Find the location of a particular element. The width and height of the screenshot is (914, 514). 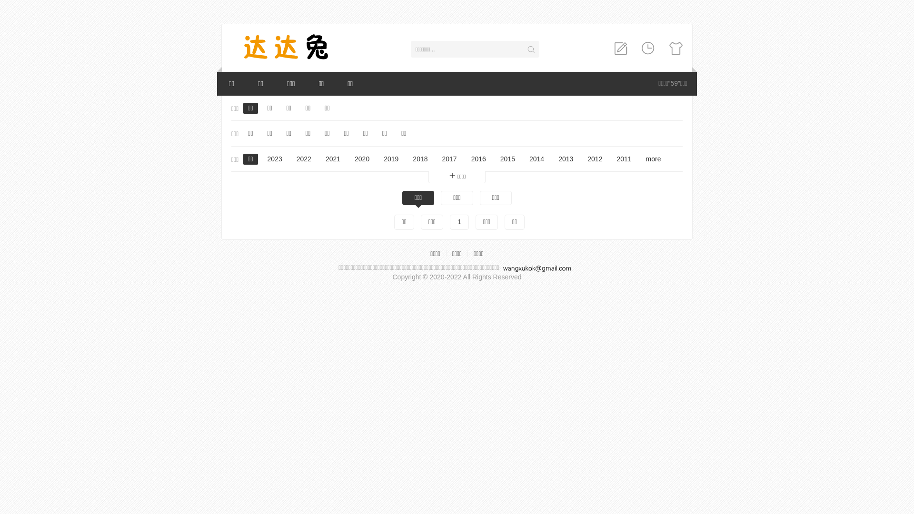

'2018' is located at coordinates (419, 159).